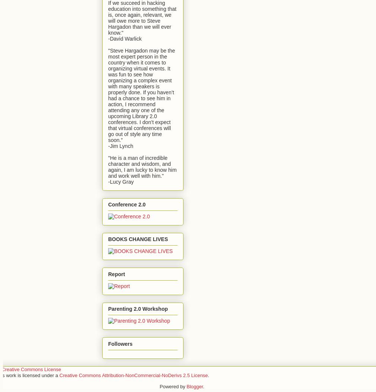  What do you see at coordinates (195, 386) in the screenshot?
I see `'Blogger'` at bounding box center [195, 386].